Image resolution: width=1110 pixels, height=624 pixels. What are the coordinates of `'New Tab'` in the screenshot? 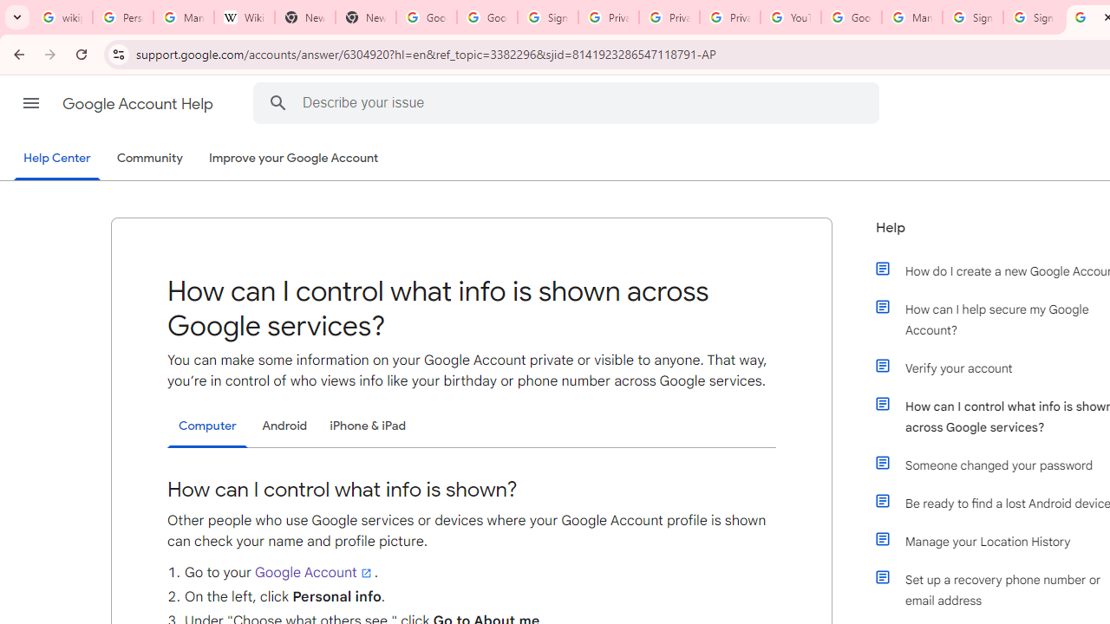 It's located at (364, 17).